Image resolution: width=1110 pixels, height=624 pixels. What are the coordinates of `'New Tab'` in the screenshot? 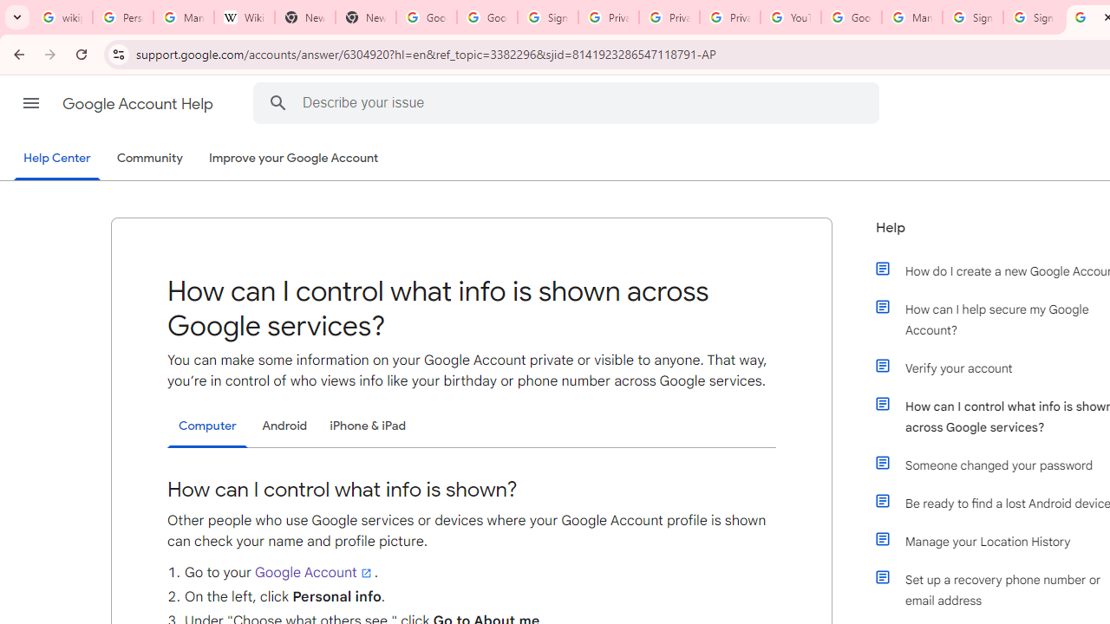 It's located at (364, 17).